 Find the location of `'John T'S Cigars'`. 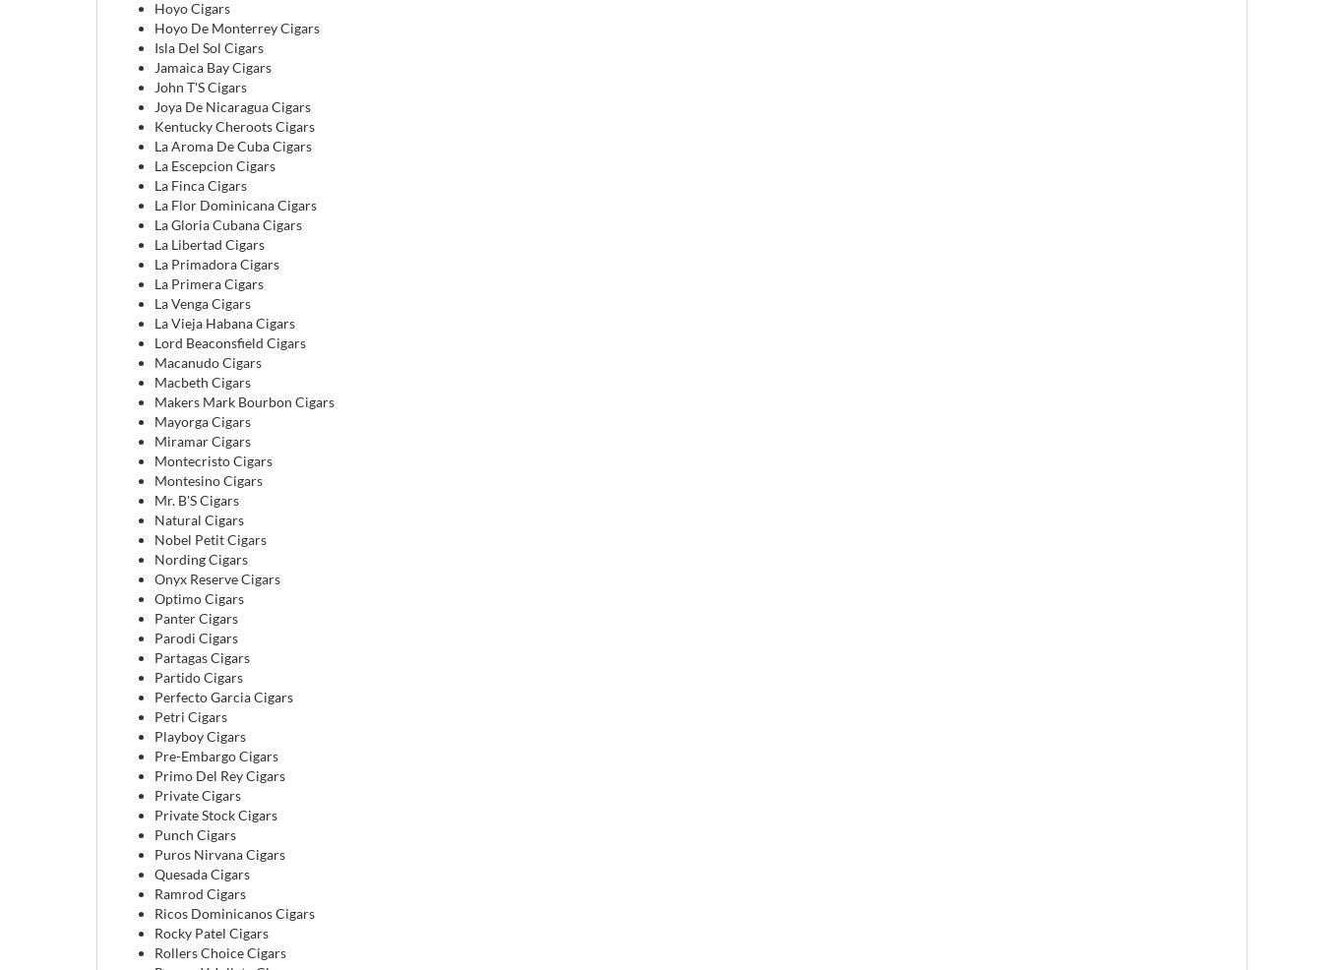

'John T'S Cigars' is located at coordinates (199, 86).